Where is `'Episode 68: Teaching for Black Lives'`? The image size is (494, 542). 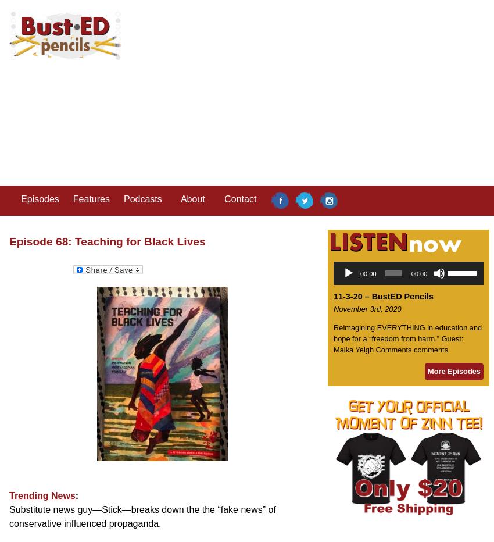
'Episode 68: Teaching for Black Lives' is located at coordinates (8, 241).